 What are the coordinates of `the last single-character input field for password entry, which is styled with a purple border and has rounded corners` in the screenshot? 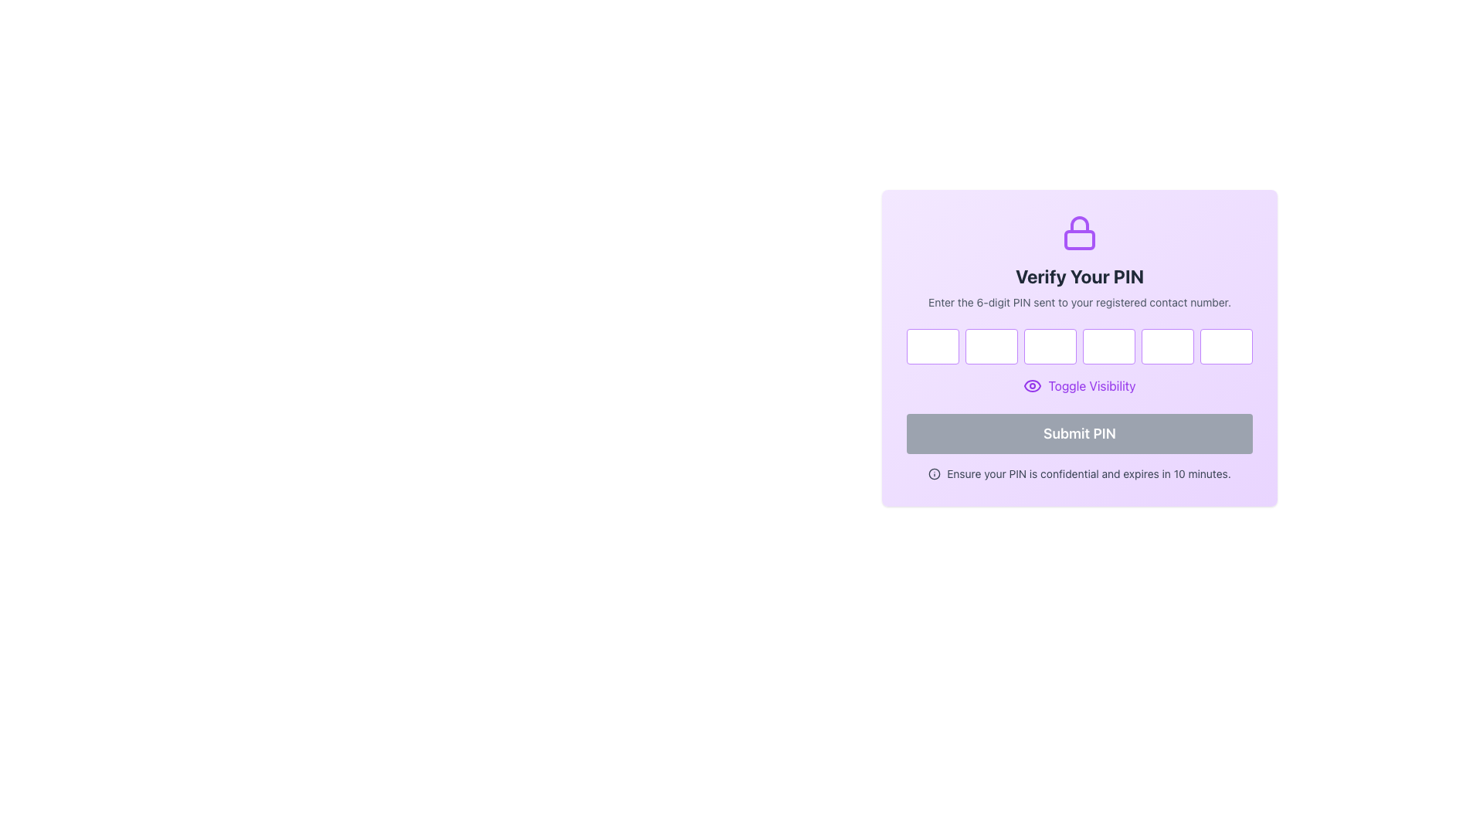 It's located at (1226, 345).